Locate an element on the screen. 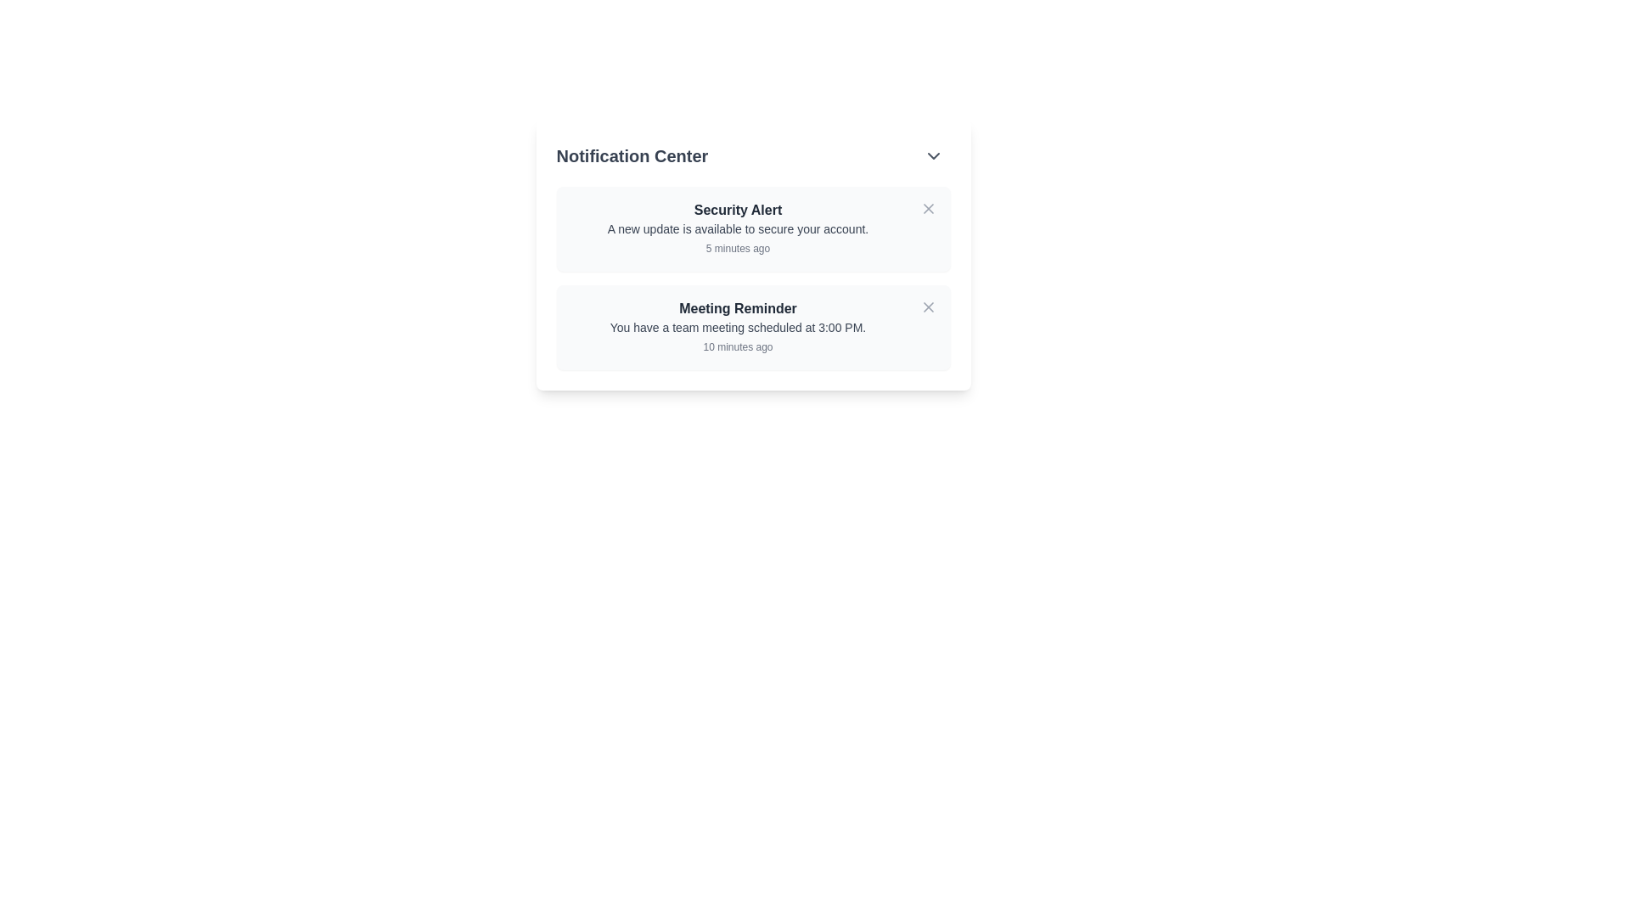 The width and height of the screenshot is (1630, 917). the bold and large text label displaying 'Notification Center' located at the top left section of its interface group is located at coordinates (631, 156).